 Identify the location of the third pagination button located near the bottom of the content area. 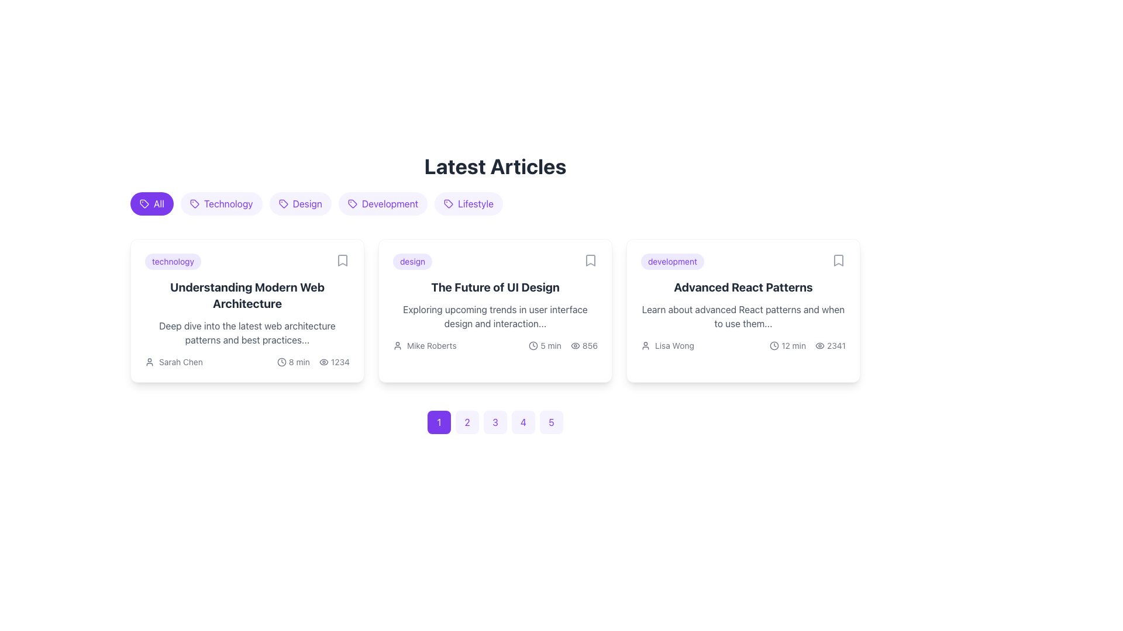
(495, 422).